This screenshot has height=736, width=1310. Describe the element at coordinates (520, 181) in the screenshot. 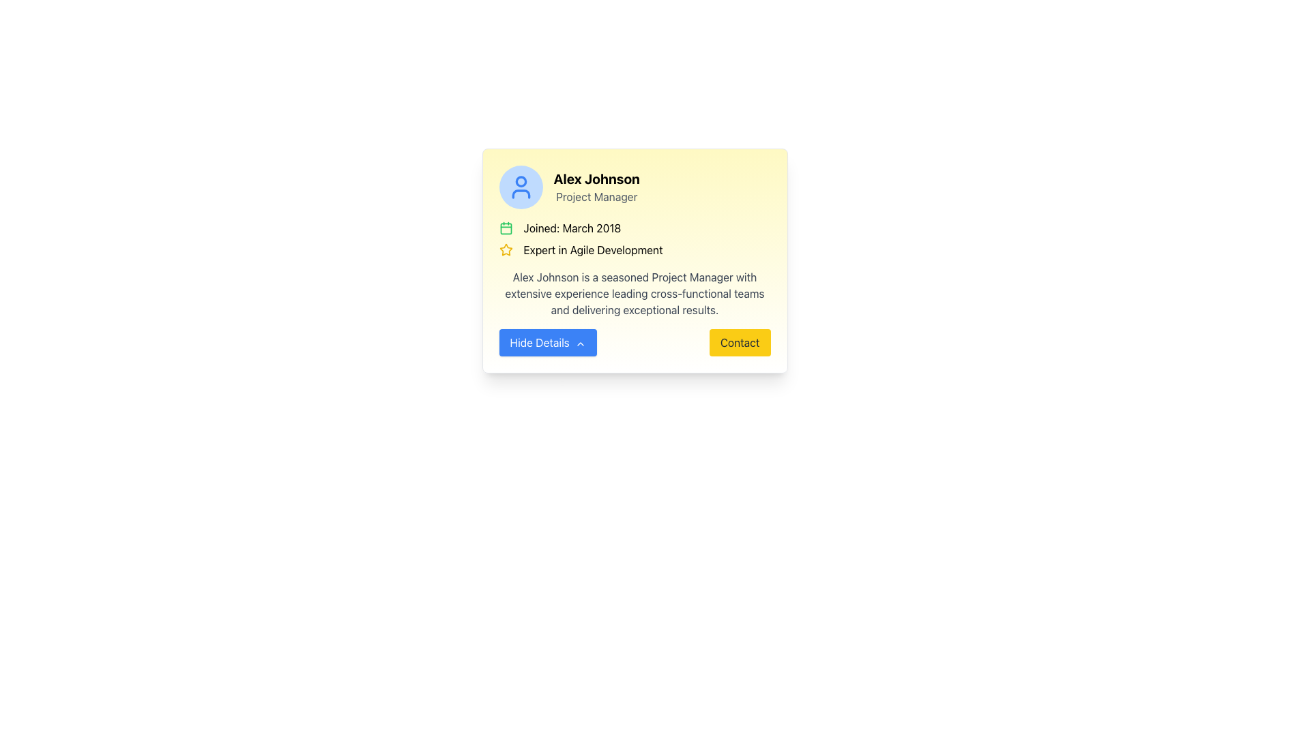

I see `the blue circular SVG icon representing the user's profile picture, which is located in the upper-left section of the user profile card, above the text 'Alex Johnson' and 'Project Manager'` at that location.